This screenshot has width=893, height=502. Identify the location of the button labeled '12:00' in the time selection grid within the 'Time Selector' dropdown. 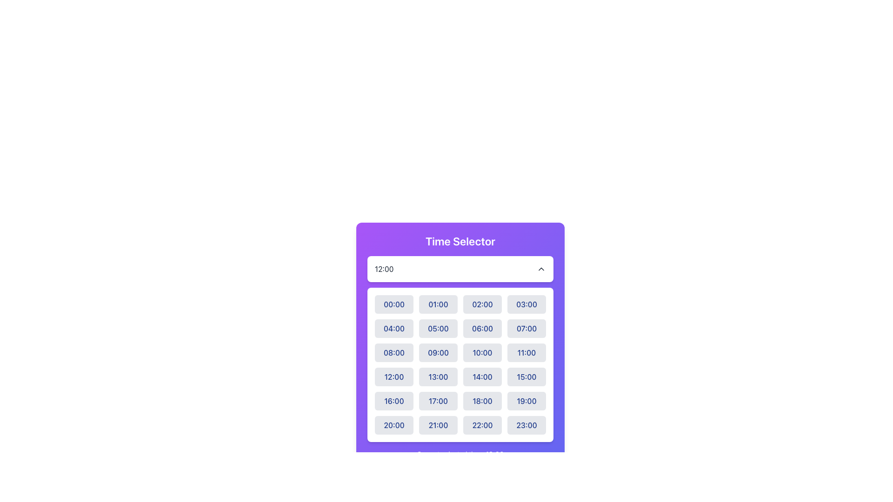
(394, 376).